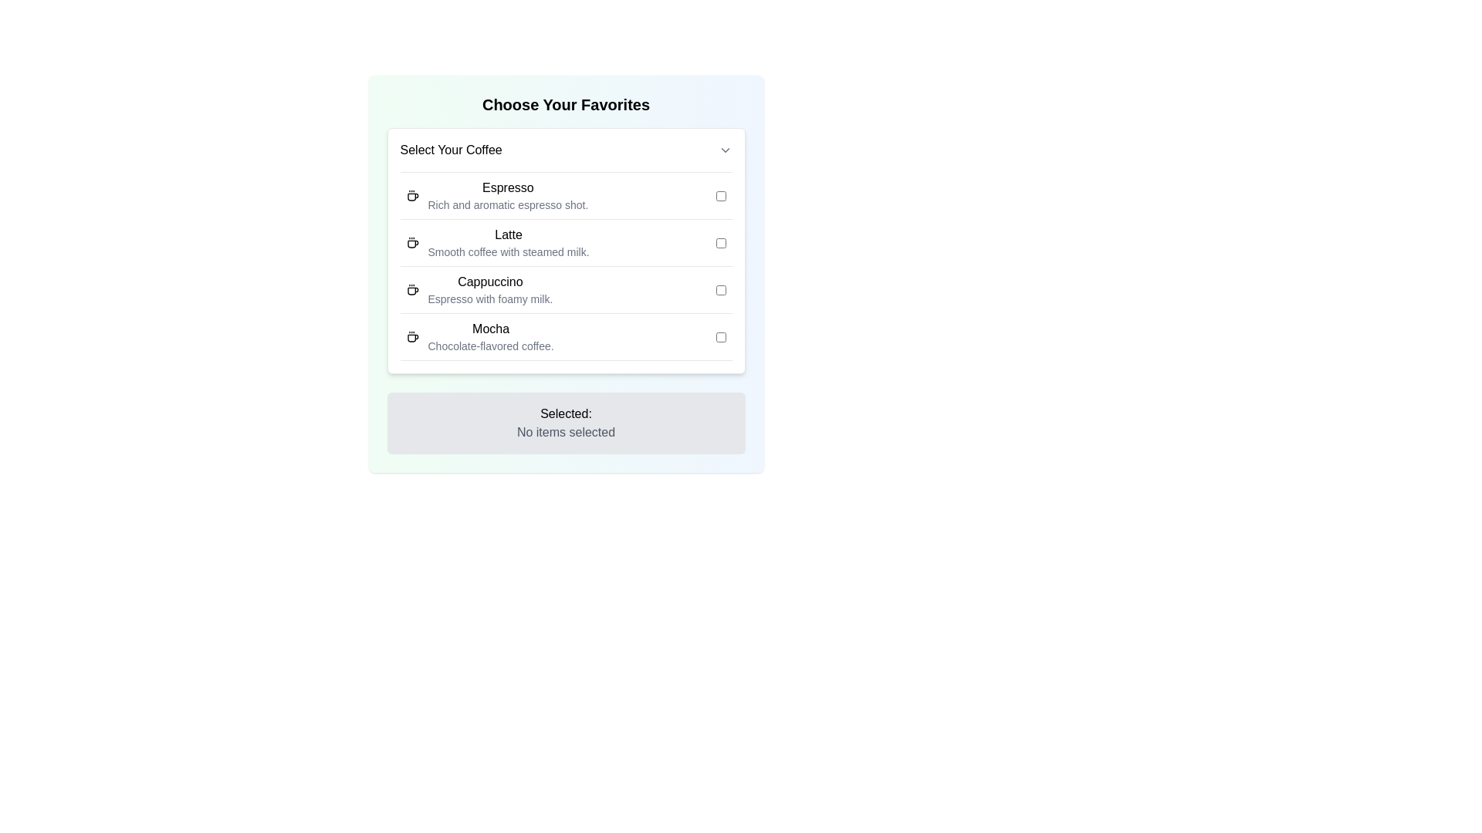 This screenshot has height=833, width=1482. Describe the element at coordinates (479, 289) in the screenshot. I see `the 'Cappuccino' coffee choice item` at that location.